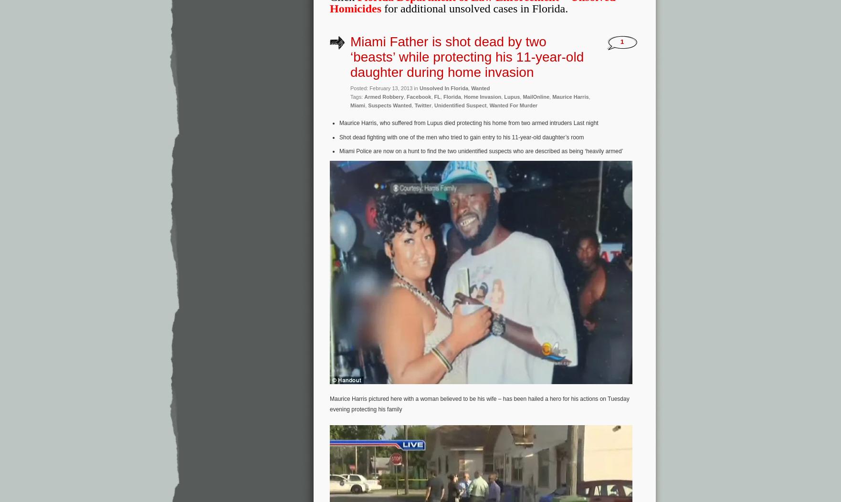 The height and width of the screenshot is (502, 841). I want to click on 'Suspects Wanted', so click(389, 105).